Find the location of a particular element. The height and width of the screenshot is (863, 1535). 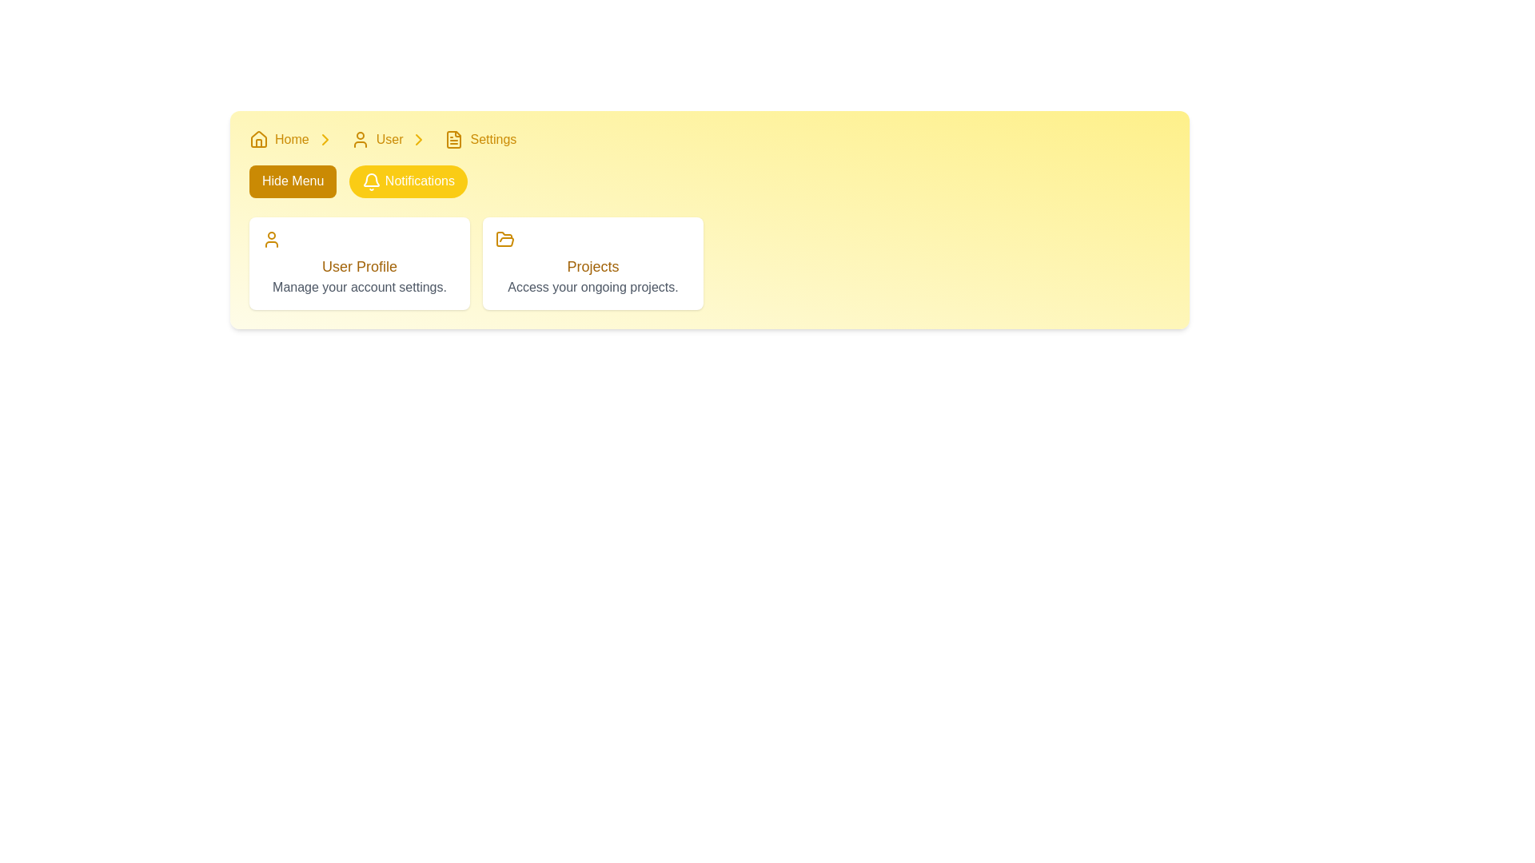

the Projects icon located above the 'Projects' text and the description 'Access your ongoing projects.' is located at coordinates (504, 239).